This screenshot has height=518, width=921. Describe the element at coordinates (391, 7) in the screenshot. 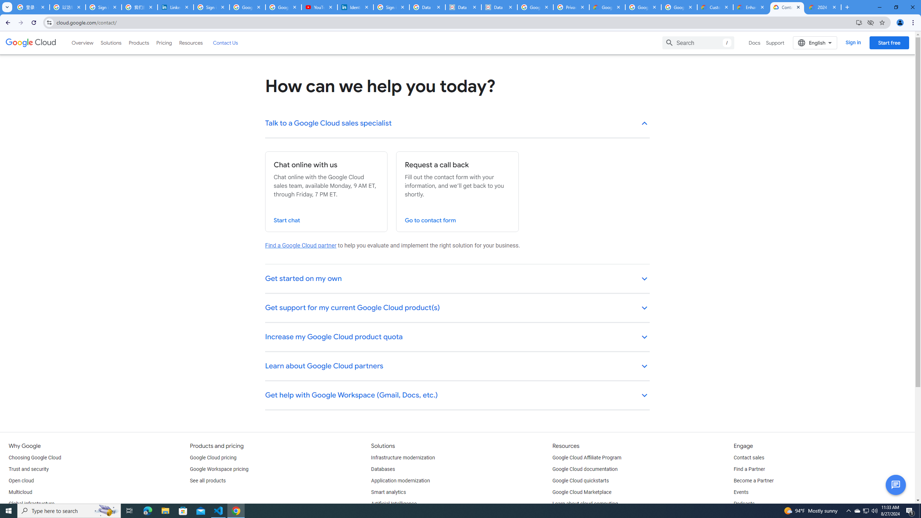

I see `'Sign in - Google Accounts'` at that location.